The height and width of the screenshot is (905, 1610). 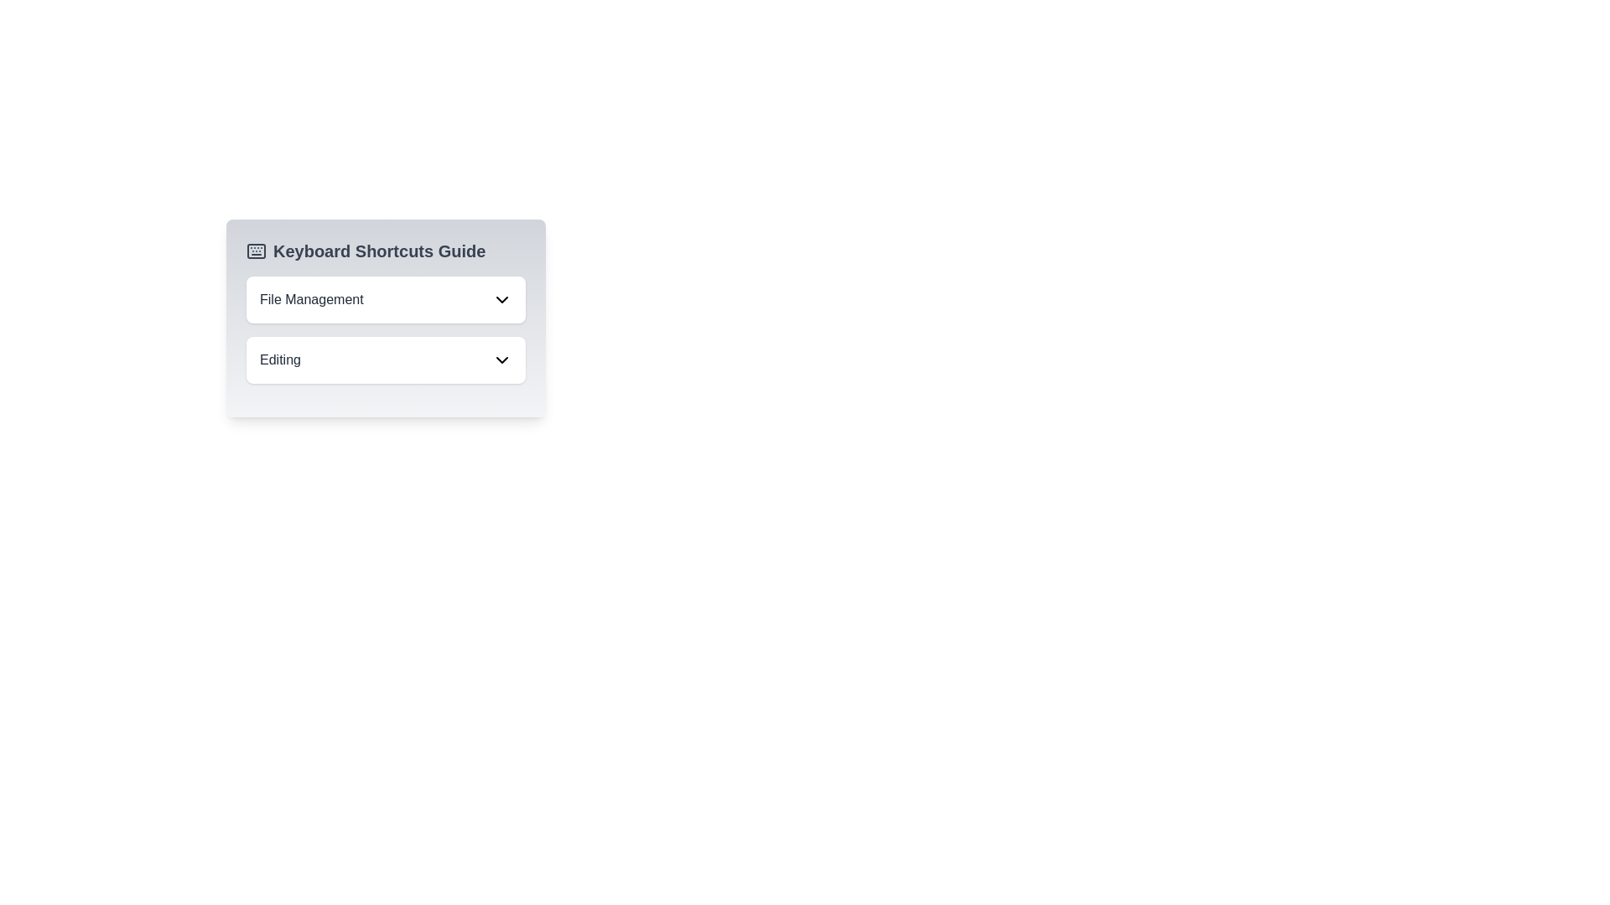 What do you see at coordinates (385, 359) in the screenshot?
I see `the dropdown trigger labeled 'Editing', which is a rectangular section with a white background and rounded corners located under the 'File Management' section` at bounding box center [385, 359].